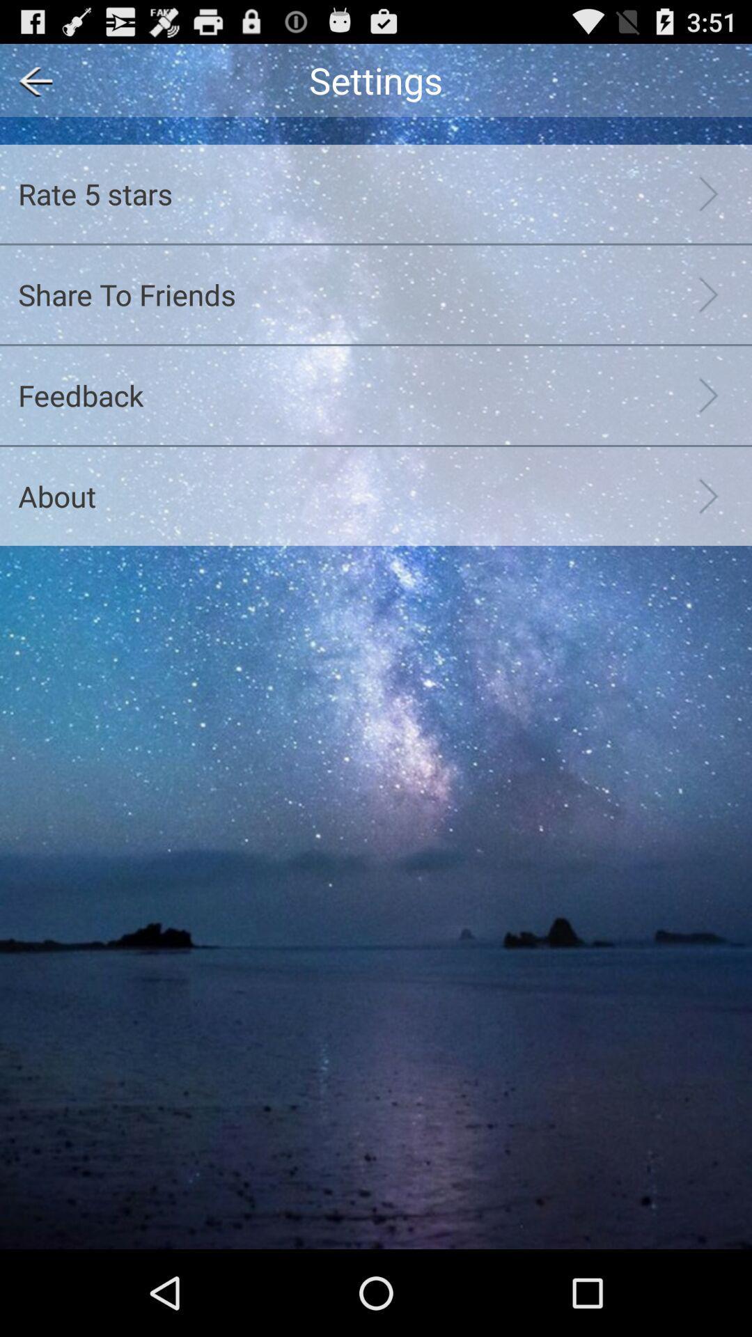  I want to click on the item to the left of settings app, so click(31, 79).